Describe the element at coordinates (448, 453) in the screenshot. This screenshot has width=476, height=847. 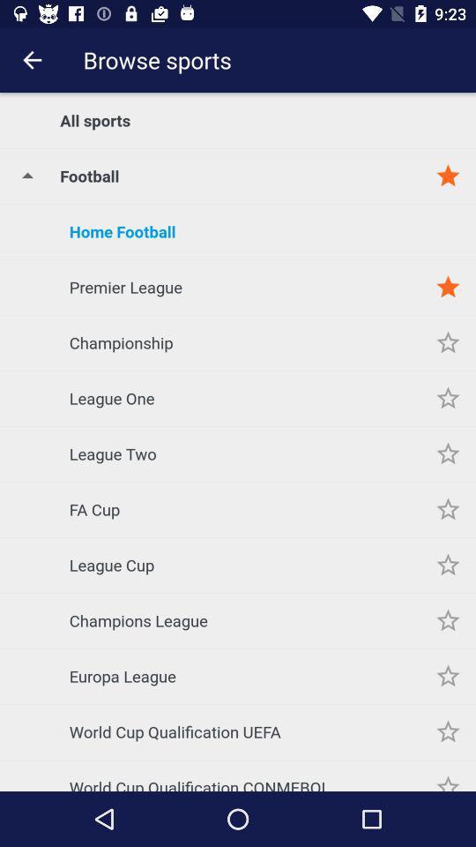
I see `league two` at that location.